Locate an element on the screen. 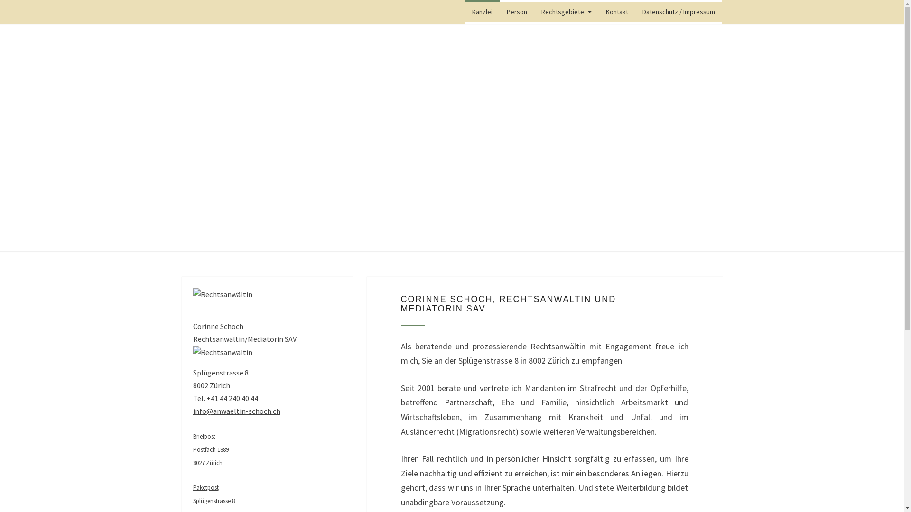 The width and height of the screenshot is (911, 512). 'Kanzlei' is located at coordinates (482, 11).